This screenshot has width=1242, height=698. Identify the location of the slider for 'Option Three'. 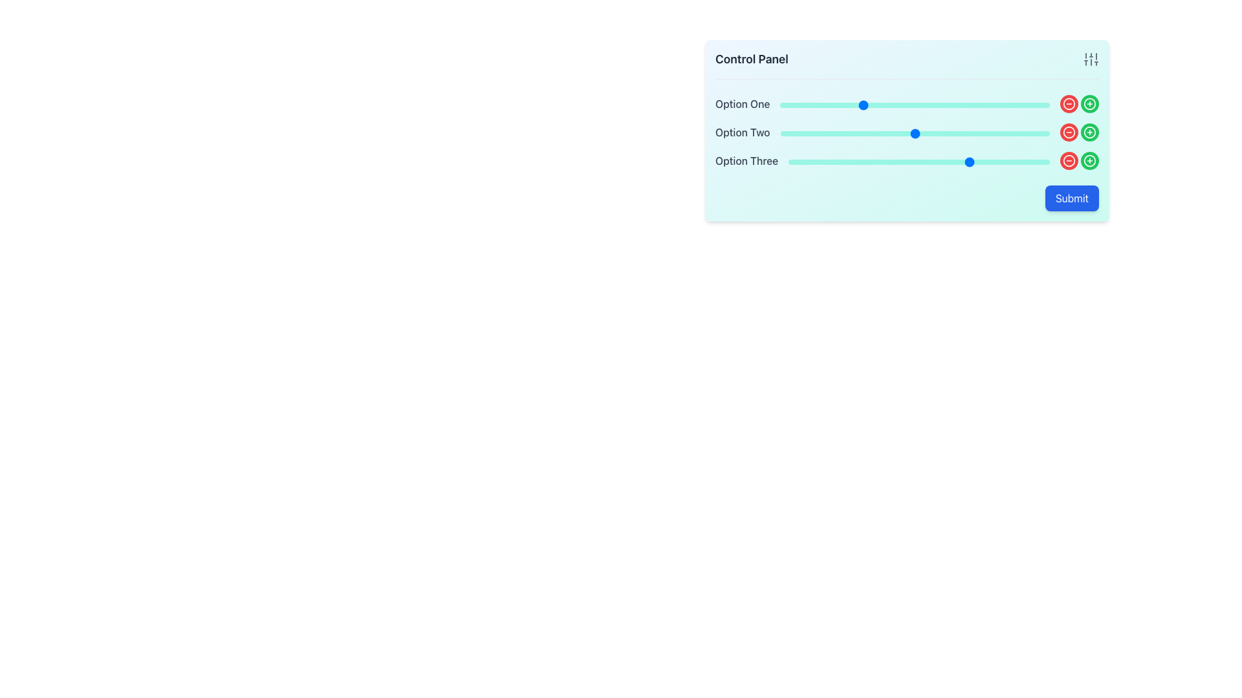
(897, 161).